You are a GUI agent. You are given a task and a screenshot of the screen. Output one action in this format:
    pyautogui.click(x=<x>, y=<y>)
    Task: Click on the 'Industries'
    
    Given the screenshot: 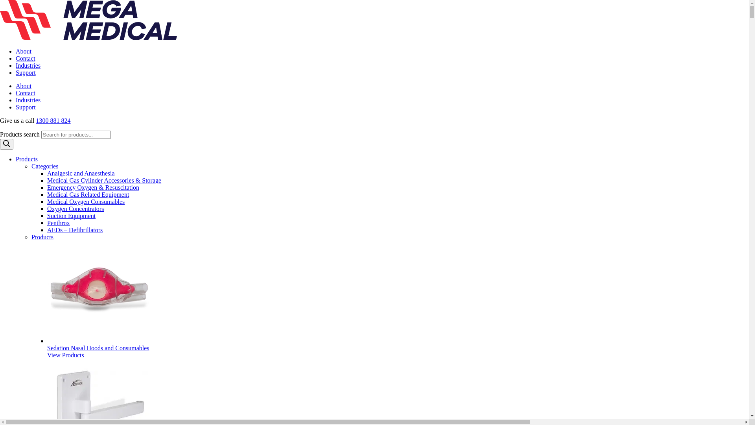 What is the action you would take?
    pyautogui.click(x=28, y=65)
    